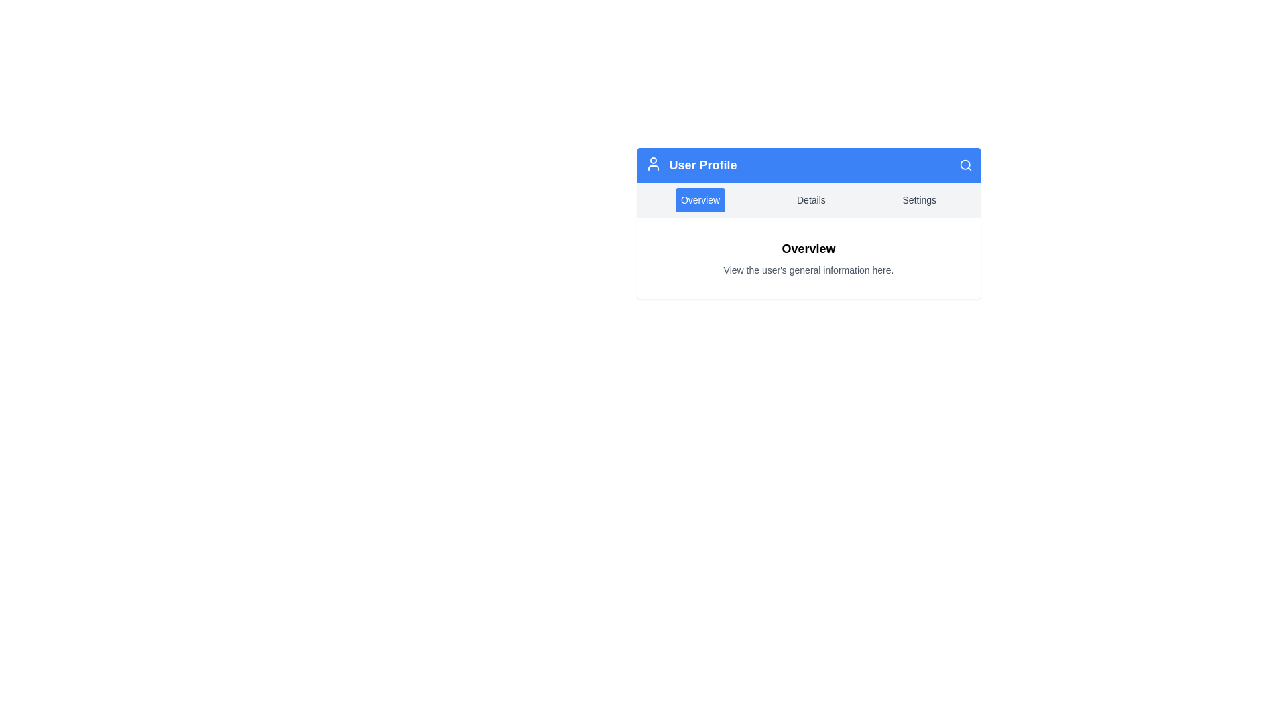 Image resolution: width=1287 pixels, height=723 pixels. I want to click on the 'Overview' button, which is a rectangular button with rounded corners and a blue background, so click(700, 200).